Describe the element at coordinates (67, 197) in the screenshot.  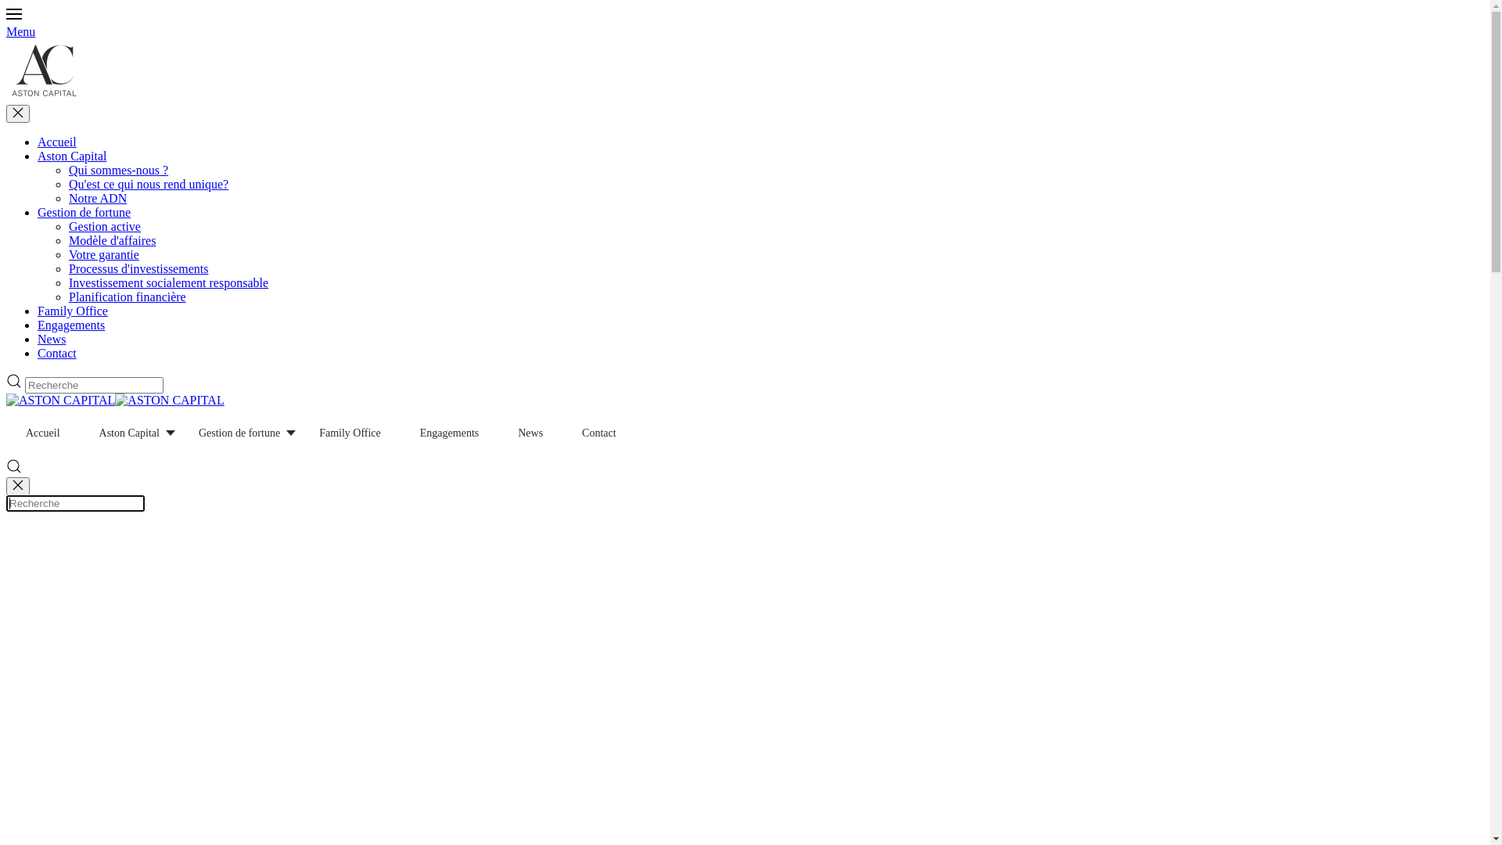
I see `'Notre ADN'` at that location.